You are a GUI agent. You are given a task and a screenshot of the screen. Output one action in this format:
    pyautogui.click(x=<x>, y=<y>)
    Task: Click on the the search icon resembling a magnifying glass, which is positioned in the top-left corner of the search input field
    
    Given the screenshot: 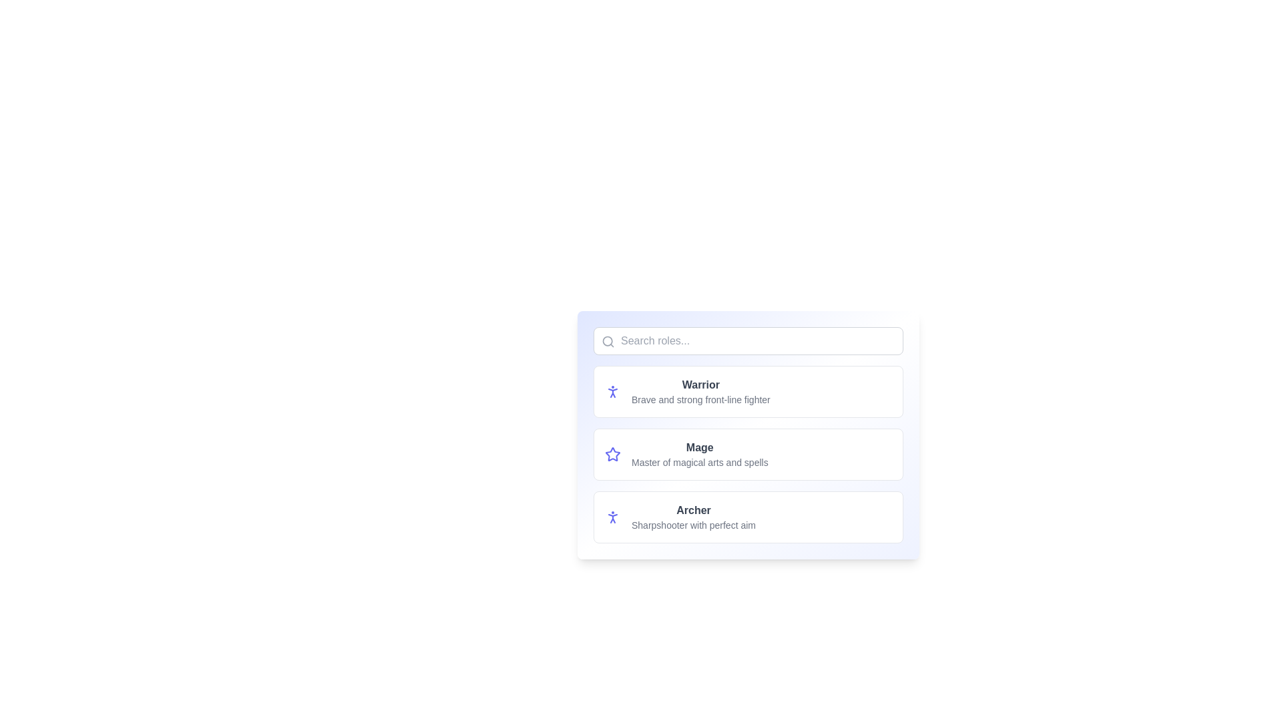 What is the action you would take?
    pyautogui.click(x=608, y=341)
    